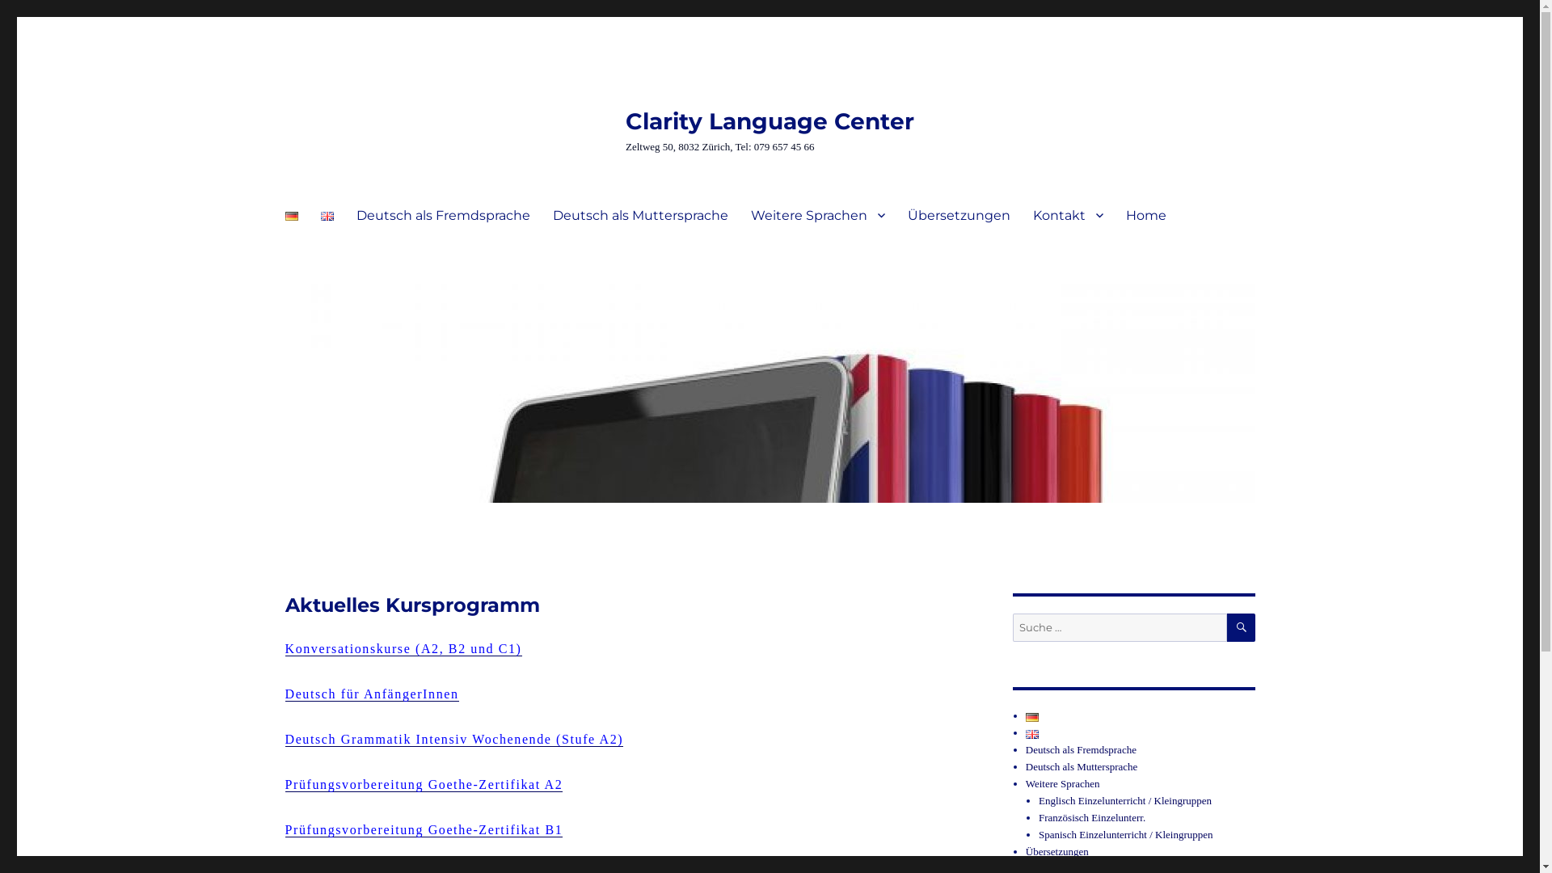 This screenshot has width=1552, height=873. What do you see at coordinates (442, 214) in the screenshot?
I see `'Deutsch als Fremdsprache'` at bounding box center [442, 214].